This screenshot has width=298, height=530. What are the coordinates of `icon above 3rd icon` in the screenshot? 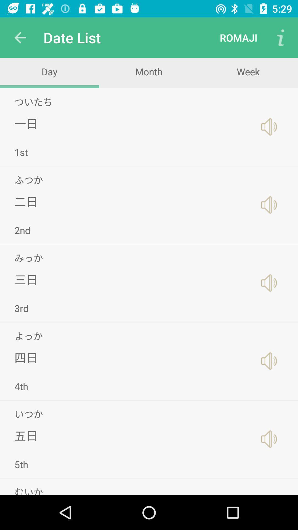 It's located at (26, 279).